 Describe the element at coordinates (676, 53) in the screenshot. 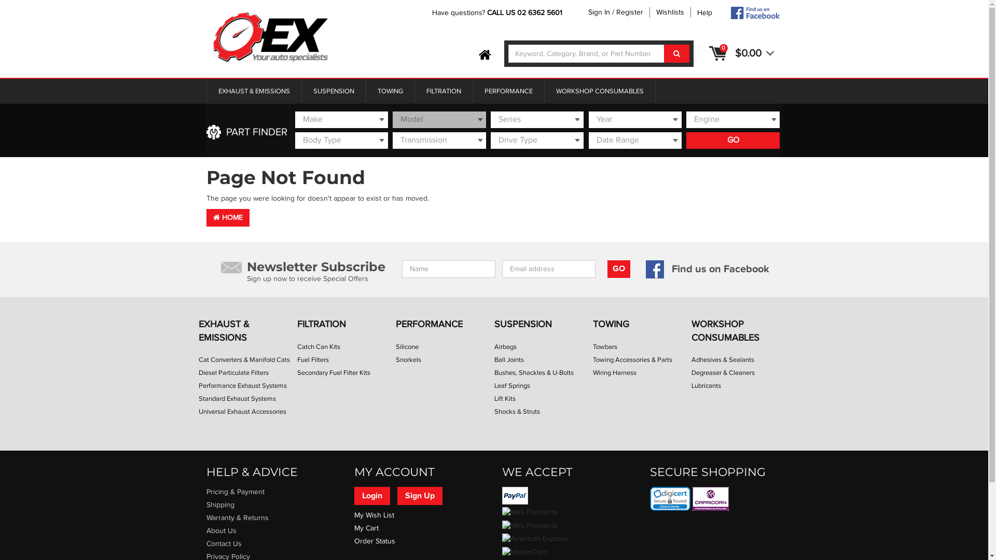

I see `'Search'` at that location.